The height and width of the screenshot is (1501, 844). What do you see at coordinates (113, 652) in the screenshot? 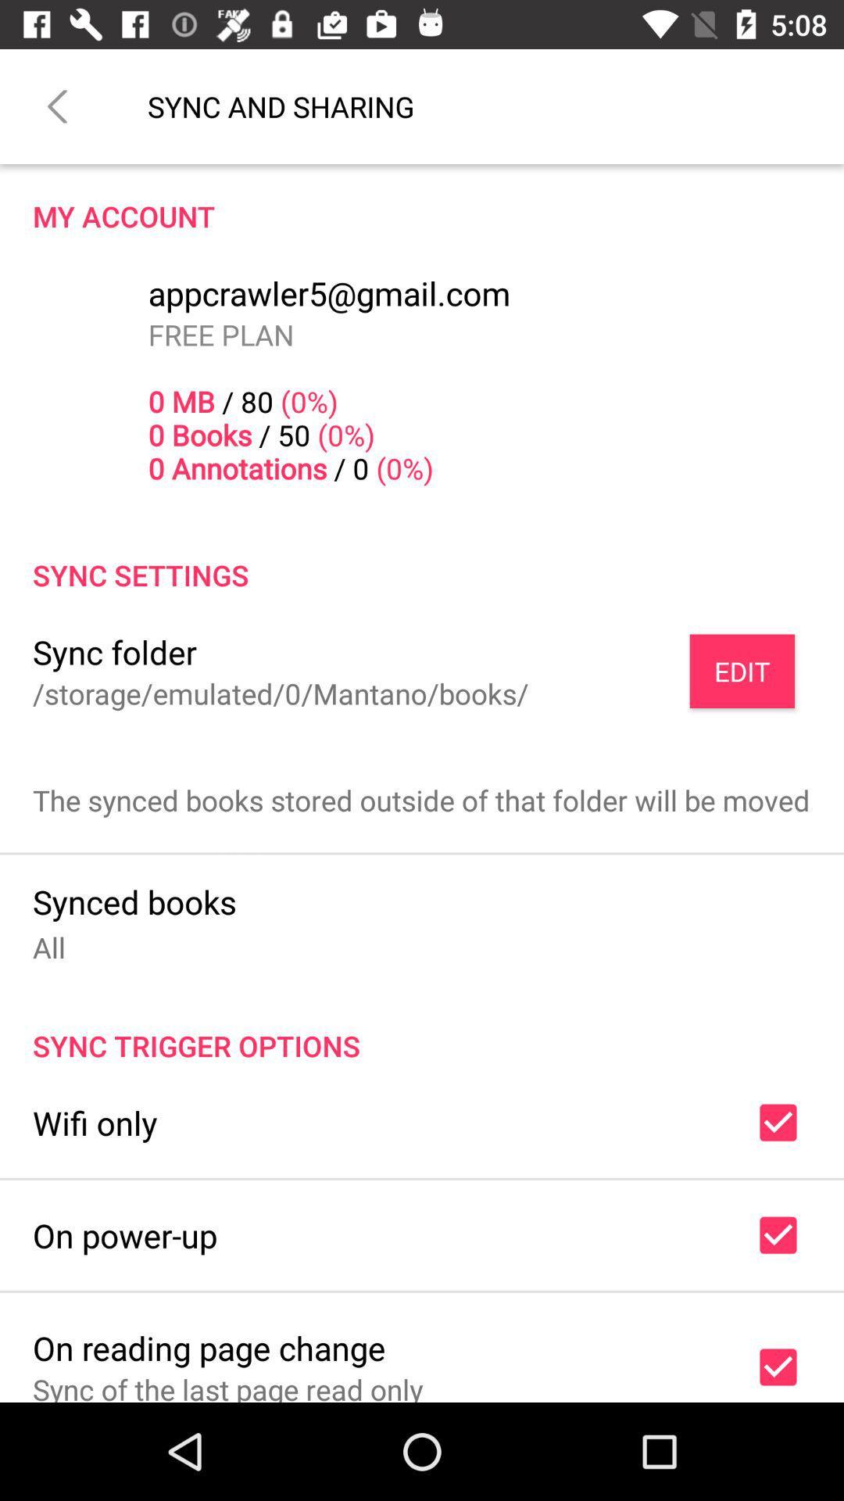
I see `item above storage emulated 0 icon` at bounding box center [113, 652].